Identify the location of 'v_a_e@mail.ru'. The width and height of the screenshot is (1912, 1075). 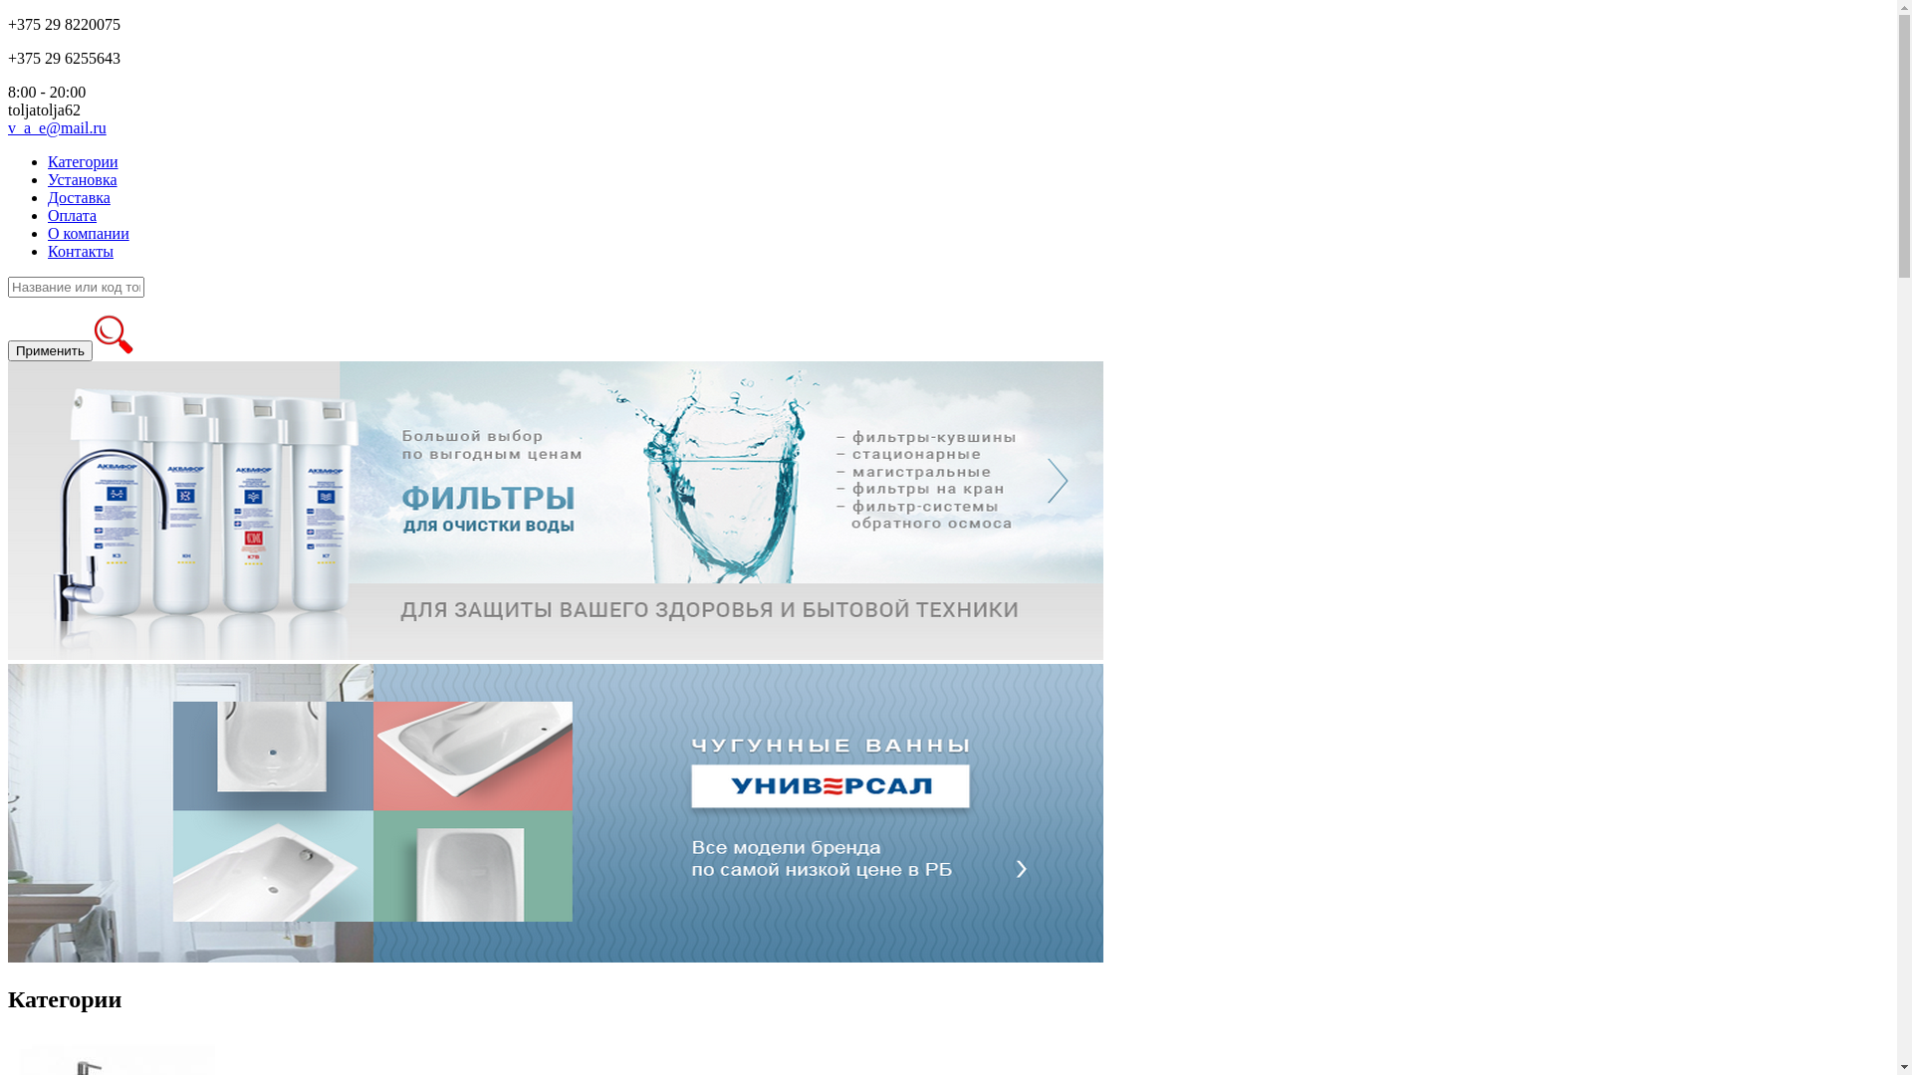
(57, 127).